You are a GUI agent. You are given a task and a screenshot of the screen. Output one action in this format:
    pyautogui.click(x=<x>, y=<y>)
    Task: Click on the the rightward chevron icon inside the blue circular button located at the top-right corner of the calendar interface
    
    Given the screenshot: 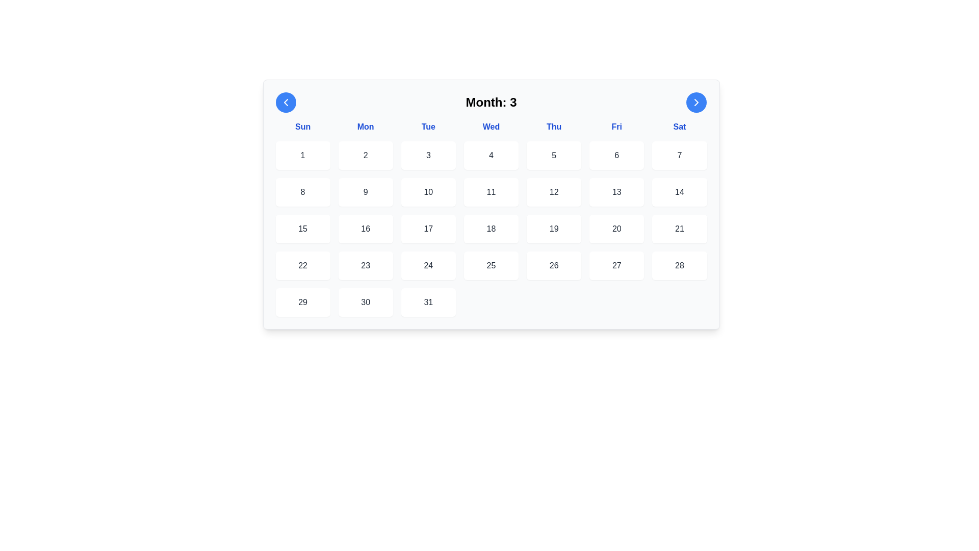 What is the action you would take?
    pyautogui.click(x=696, y=102)
    